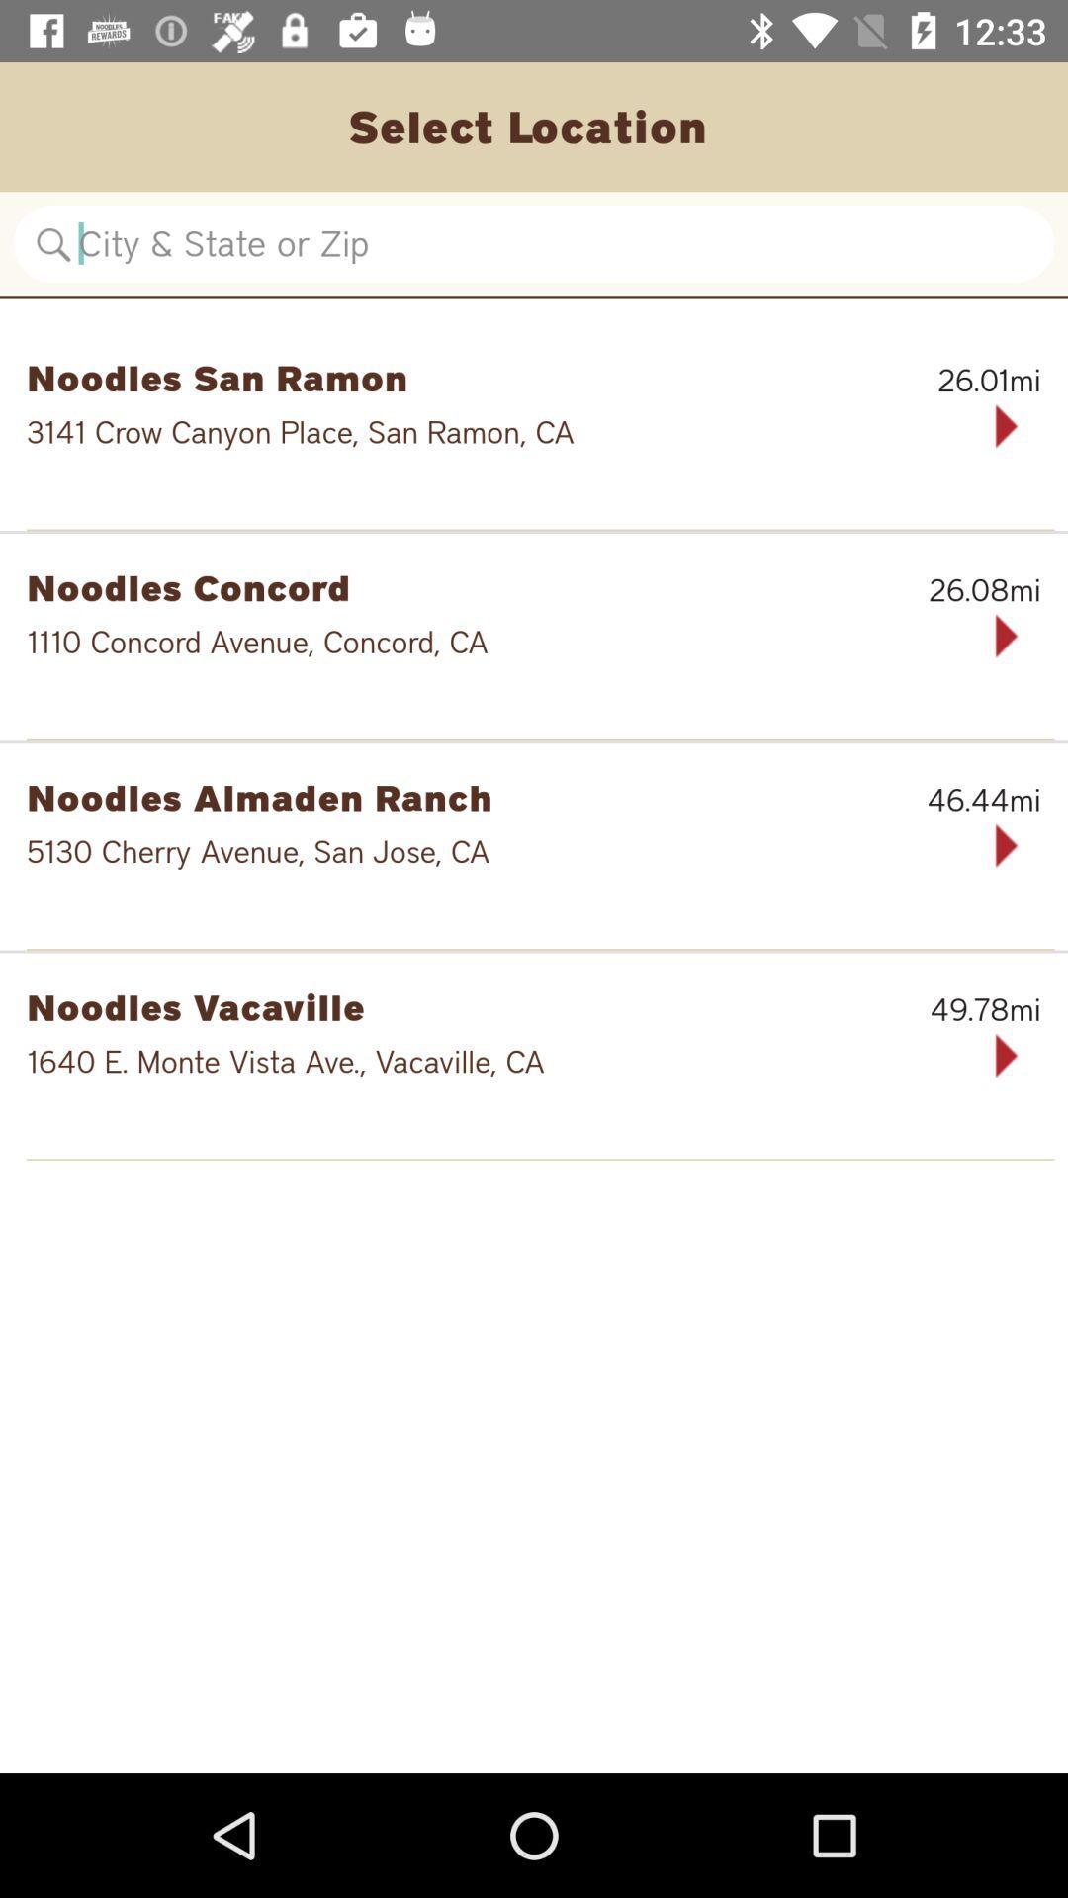  What do you see at coordinates (938, 800) in the screenshot?
I see `46.44mi icon` at bounding box center [938, 800].